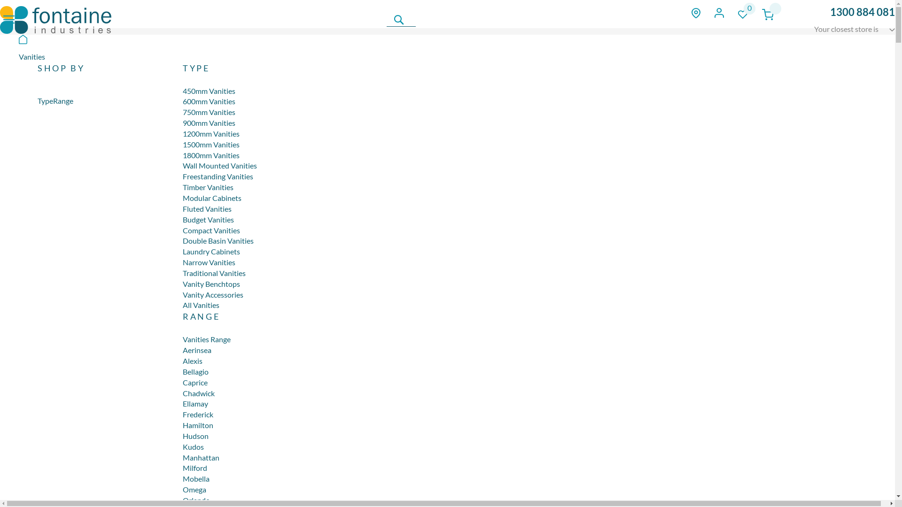 The image size is (902, 507). What do you see at coordinates (195, 499) in the screenshot?
I see `'Orlando'` at bounding box center [195, 499].